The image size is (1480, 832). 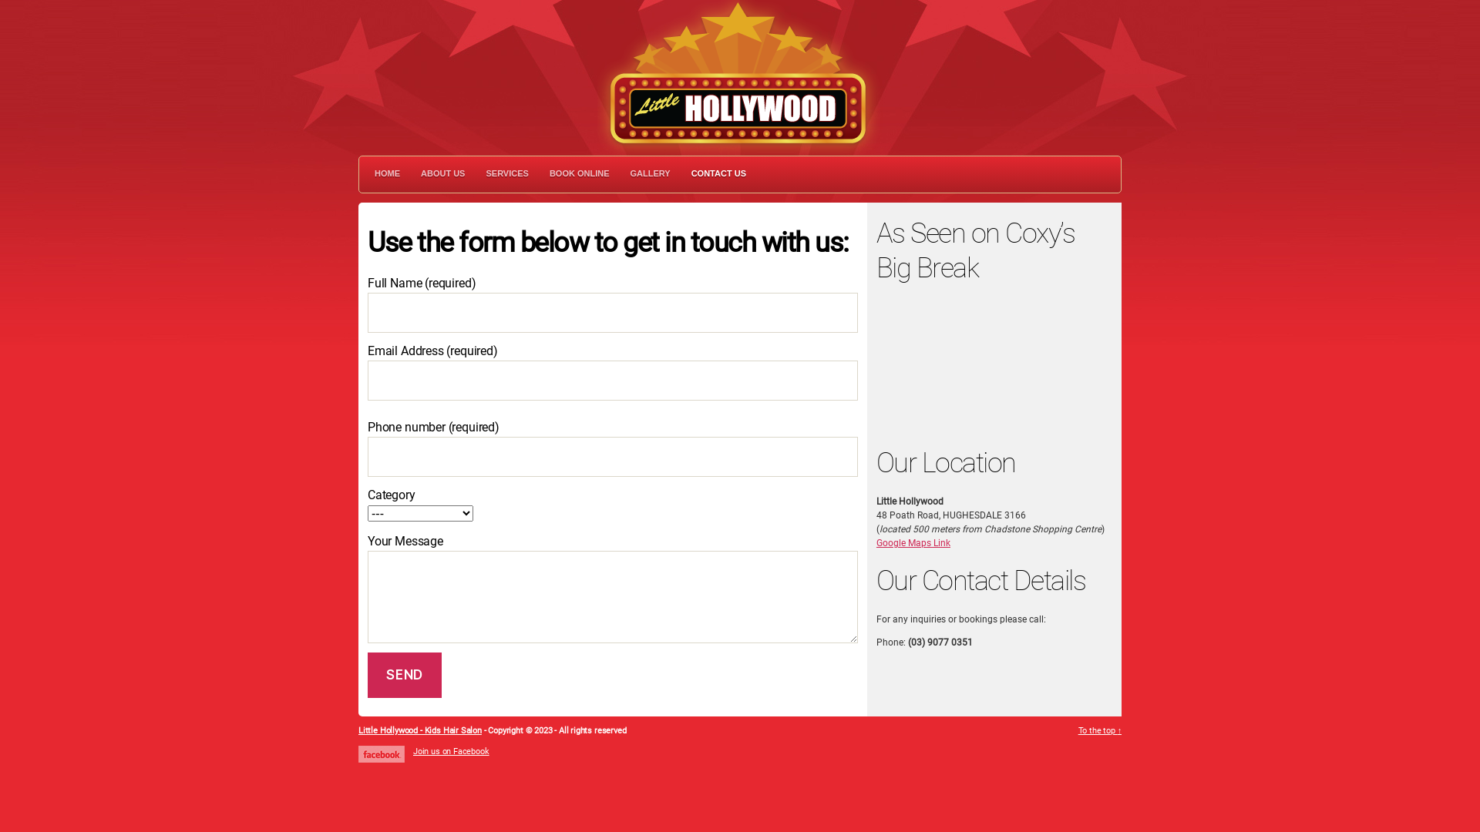 What do you see at coordinates (718, 173) in the screenshot?
I see `'CONTACT US'` at bounding box center [718, 173].